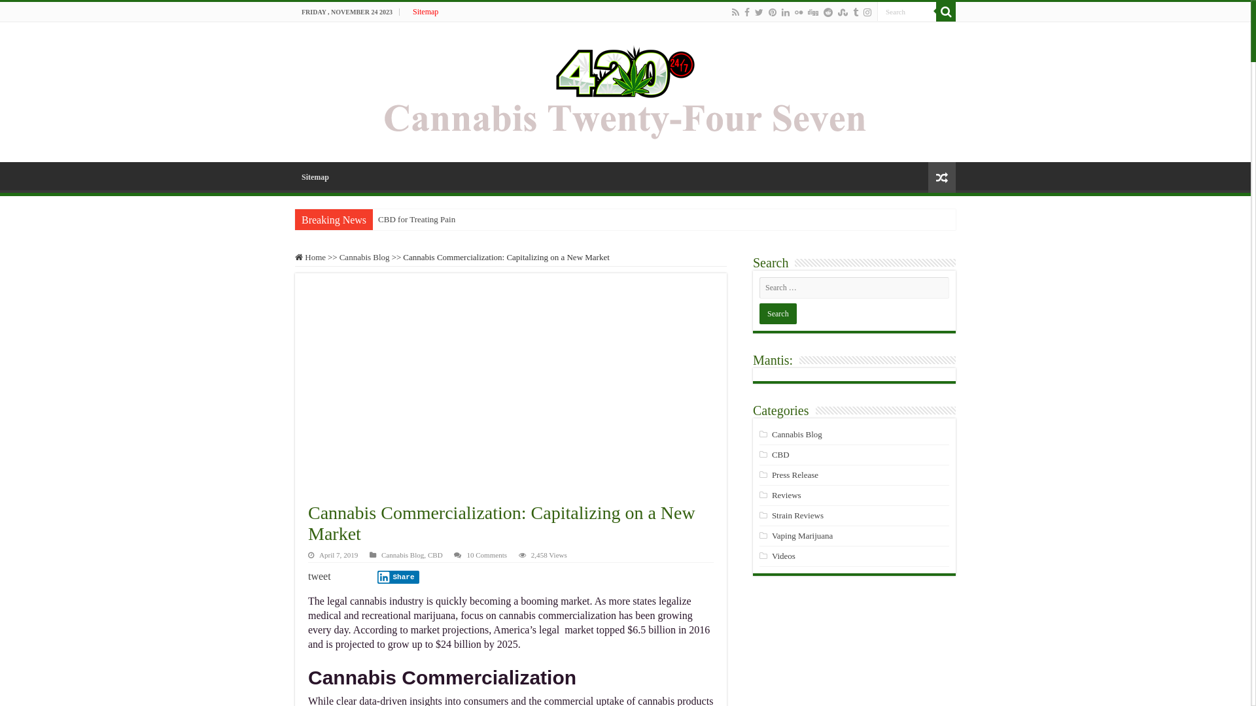 The height and width of the screenshot is (706, 1256). I want to click on 'Random Article', so click(942, 177).